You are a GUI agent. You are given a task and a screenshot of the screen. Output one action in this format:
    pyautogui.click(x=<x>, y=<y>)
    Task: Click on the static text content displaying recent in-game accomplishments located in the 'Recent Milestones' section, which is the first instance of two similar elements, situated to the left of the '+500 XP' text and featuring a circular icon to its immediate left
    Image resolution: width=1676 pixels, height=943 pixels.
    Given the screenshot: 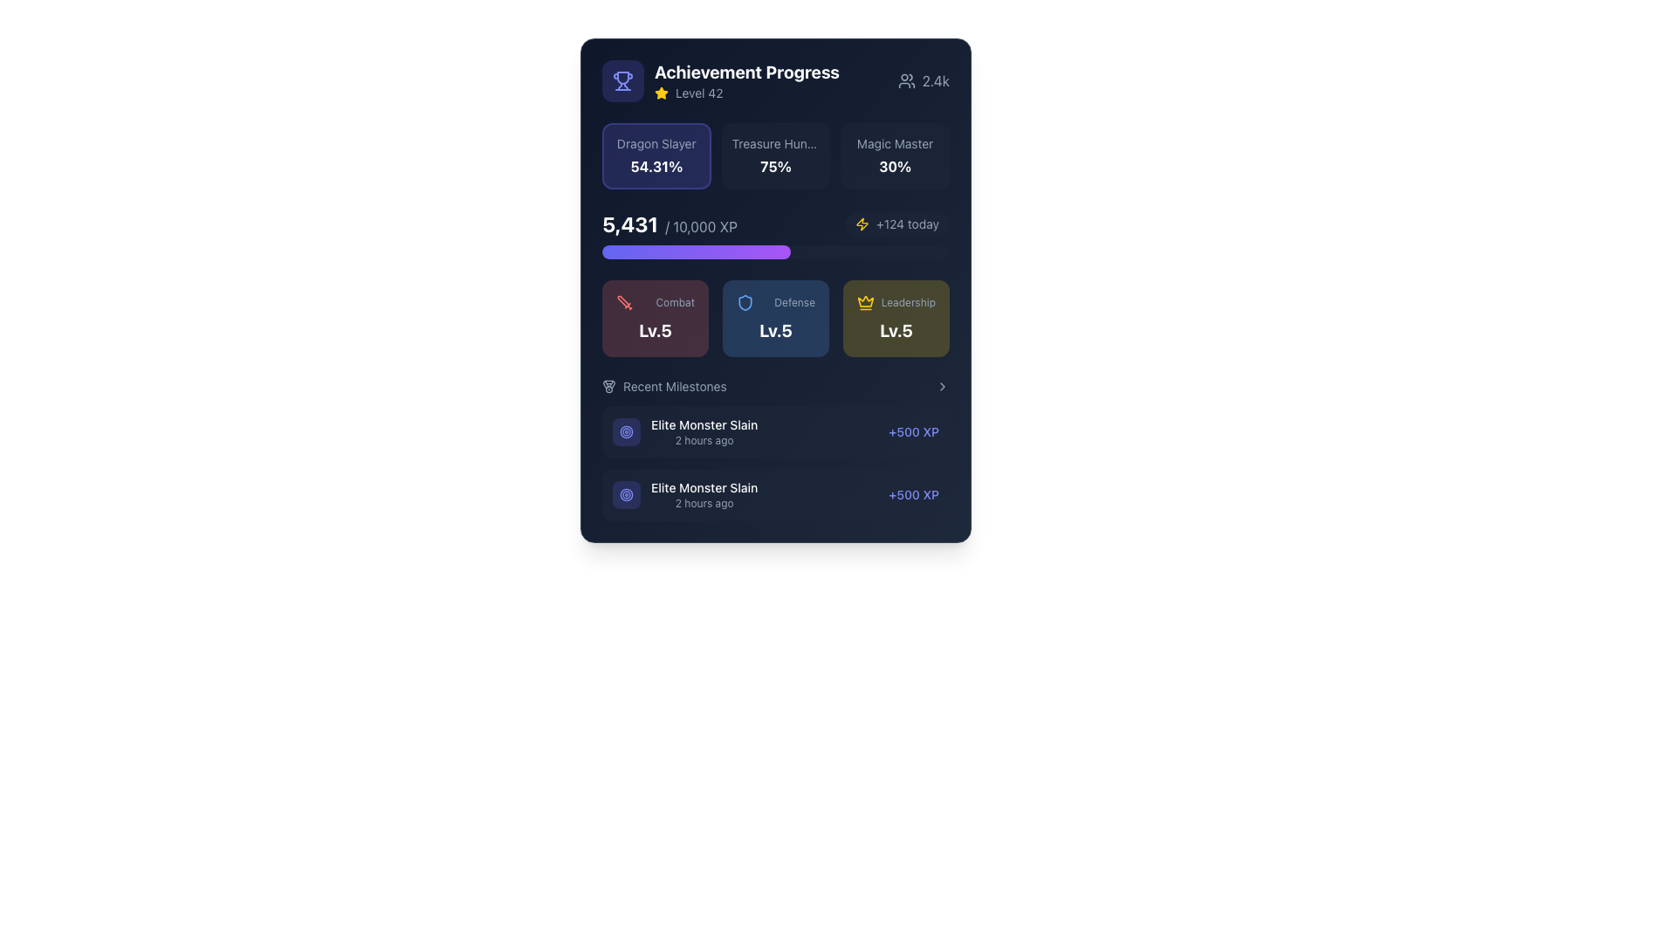 What is the action you would take?
    pyautogui.click(x=684, y=431)
    